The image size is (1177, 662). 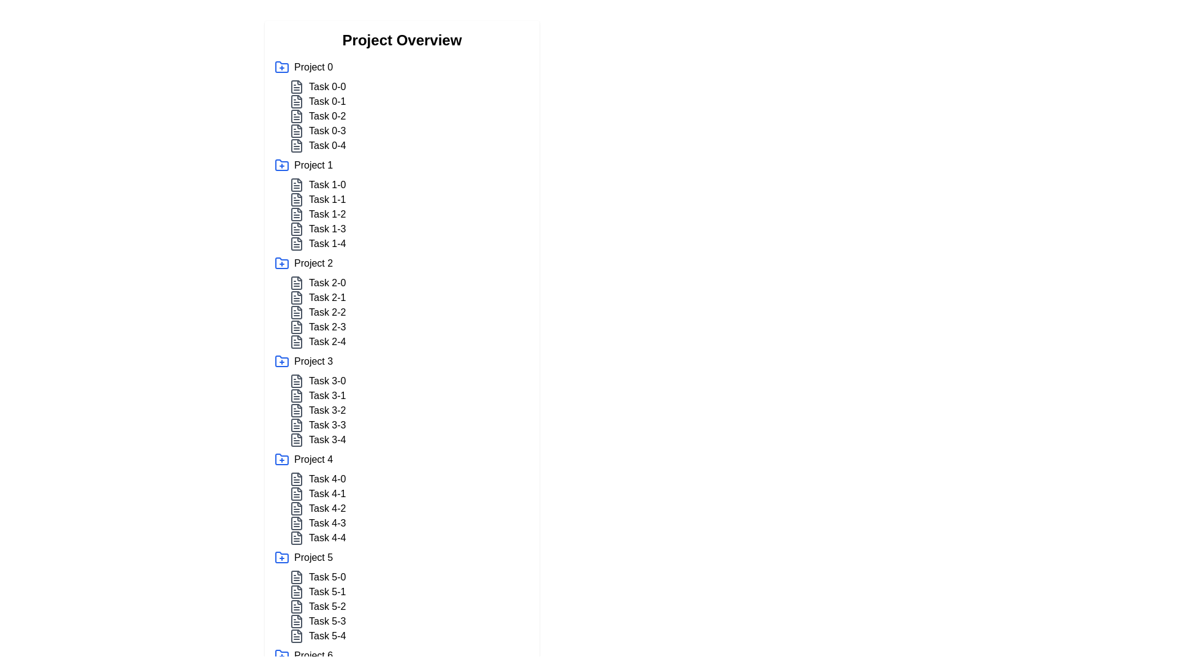 What do you see at coordinates (327, 591) in the screenshot?
I see `the text label displaying 'Task 5-1'` at bounding box center [327, 591].